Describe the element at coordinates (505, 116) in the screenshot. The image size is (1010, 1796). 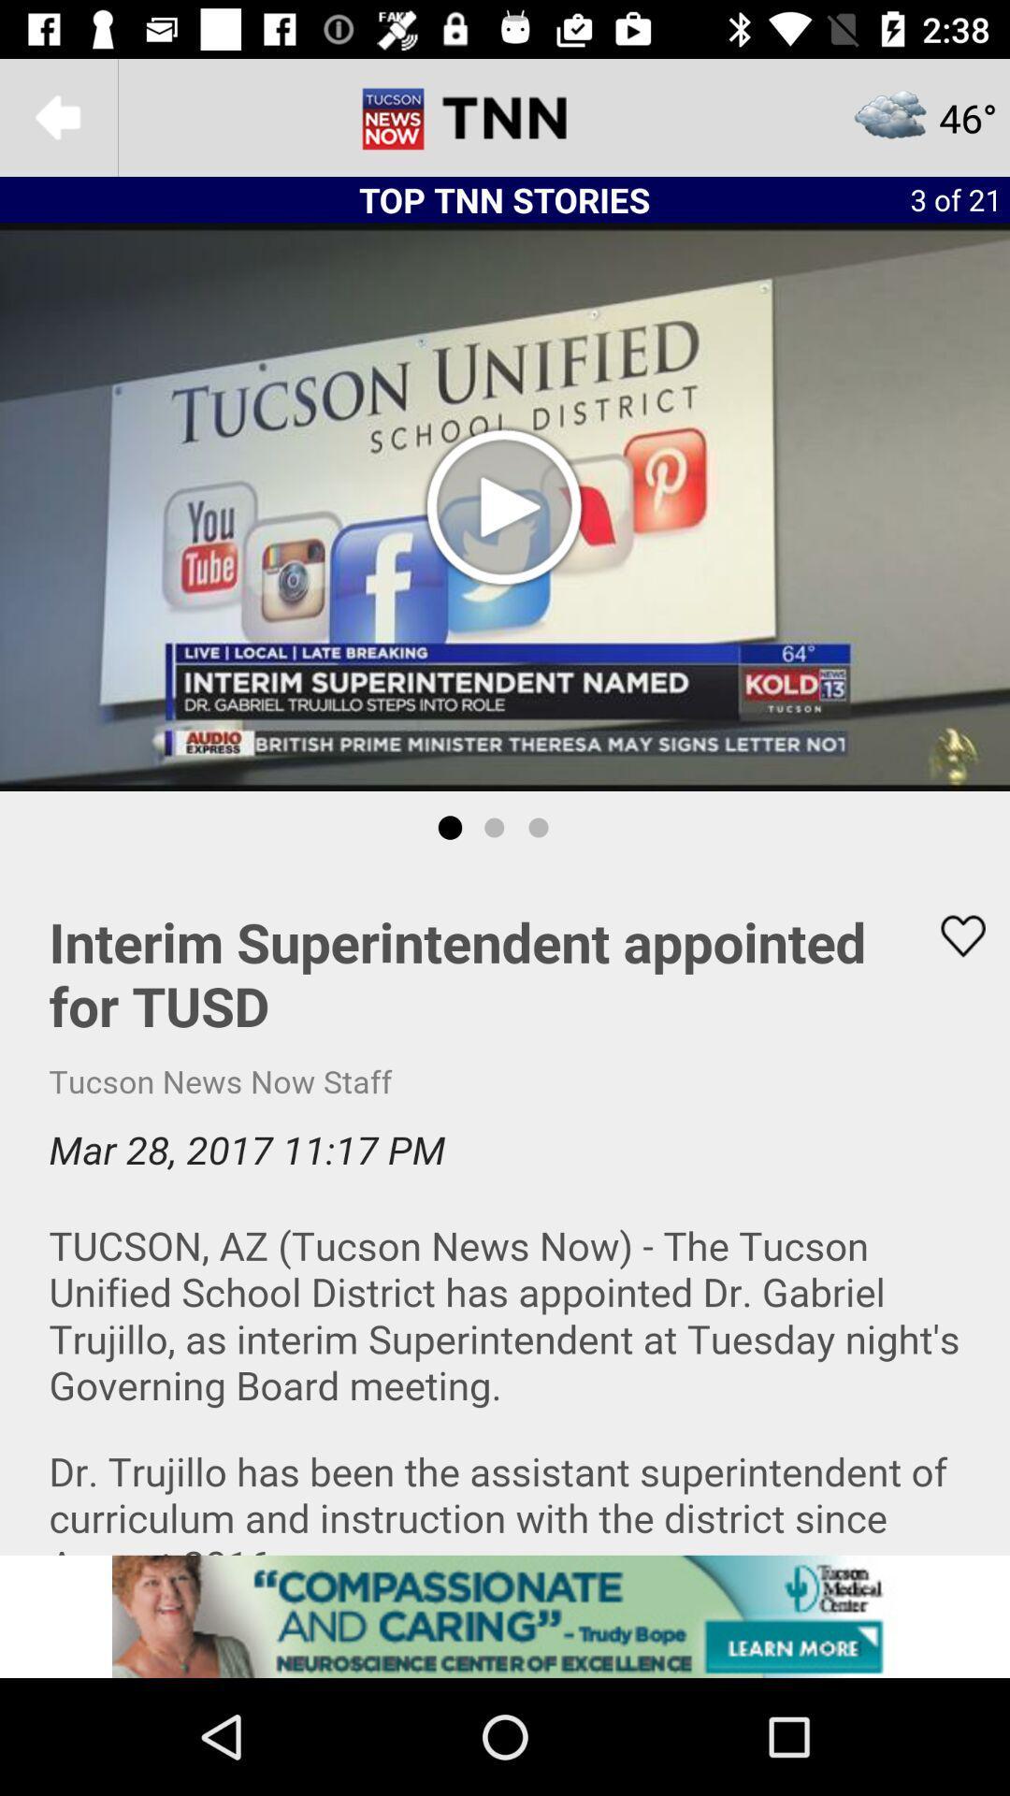
I see `return home` at that location.